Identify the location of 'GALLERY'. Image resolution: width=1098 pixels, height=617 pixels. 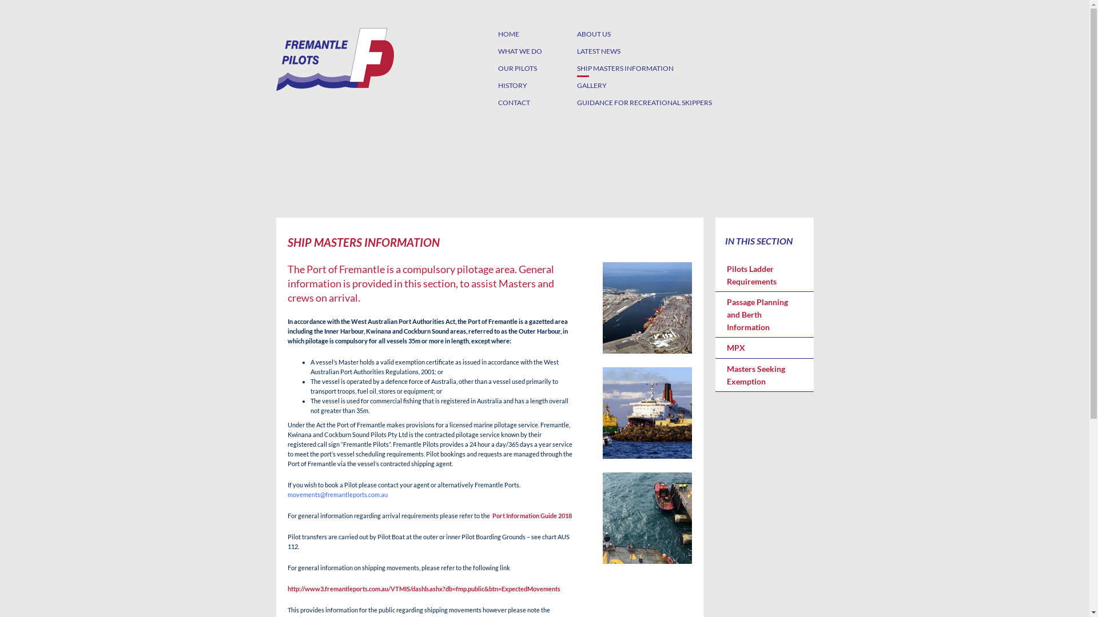
(591, 85).